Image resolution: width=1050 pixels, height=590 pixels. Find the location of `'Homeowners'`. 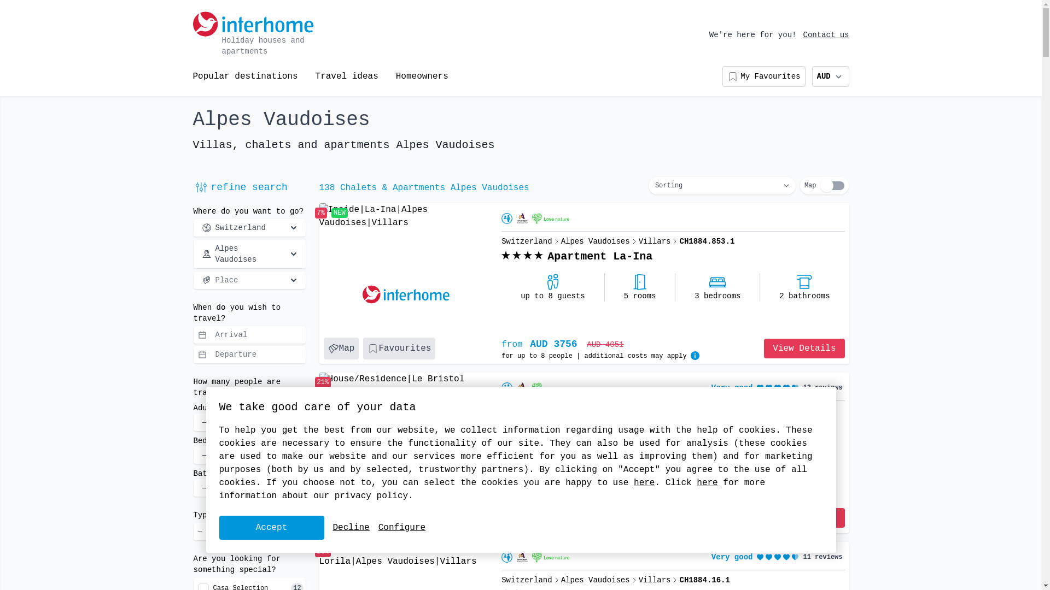

'Homeowners' is located at coordinates (422, 75).